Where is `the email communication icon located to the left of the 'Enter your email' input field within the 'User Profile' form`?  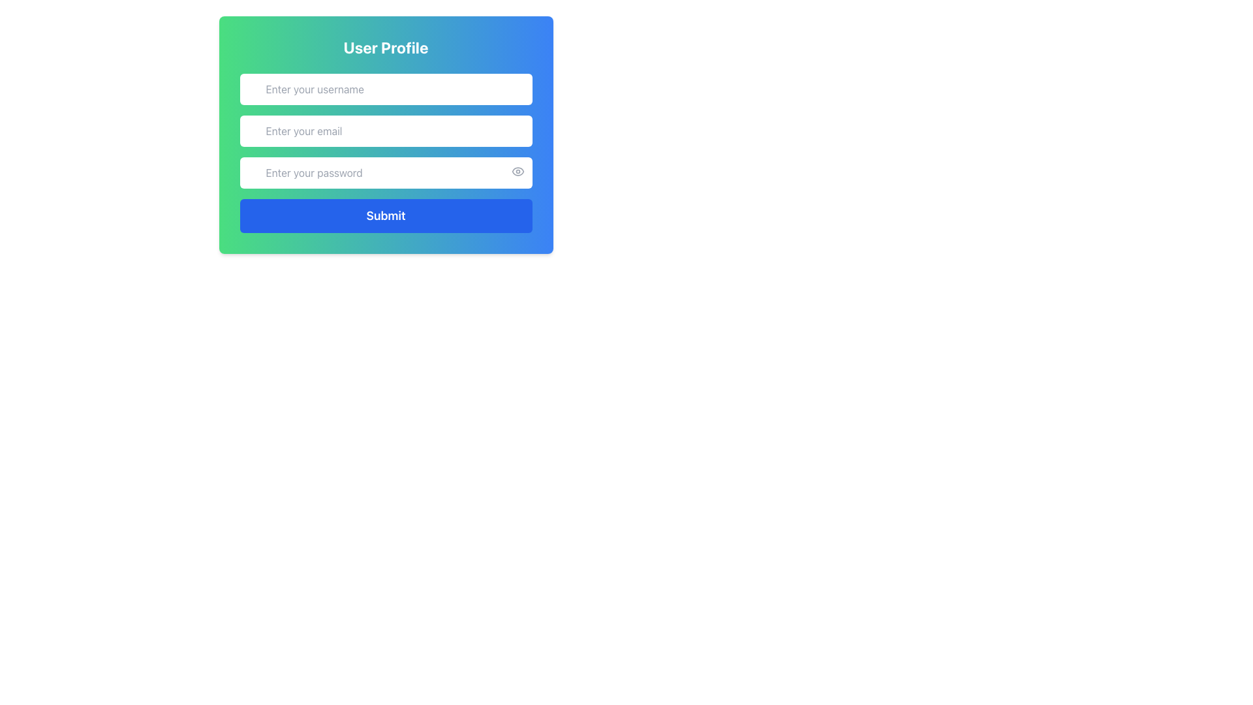
the email communication icon located to the left of the 'Enter your email' input field within the 'User Profile' form is located at coordinates (255, 131).